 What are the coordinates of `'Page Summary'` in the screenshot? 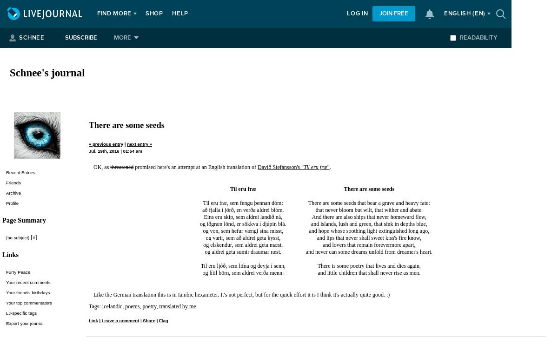 It's located at (24, 219).